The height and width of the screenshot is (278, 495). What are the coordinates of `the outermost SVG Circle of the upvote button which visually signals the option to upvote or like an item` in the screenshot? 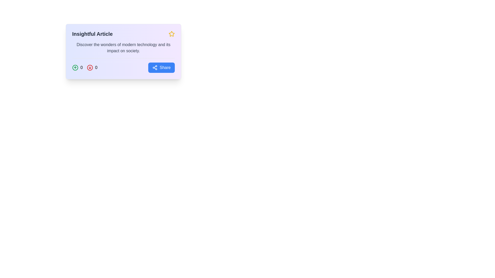 It's located at (75, 67).